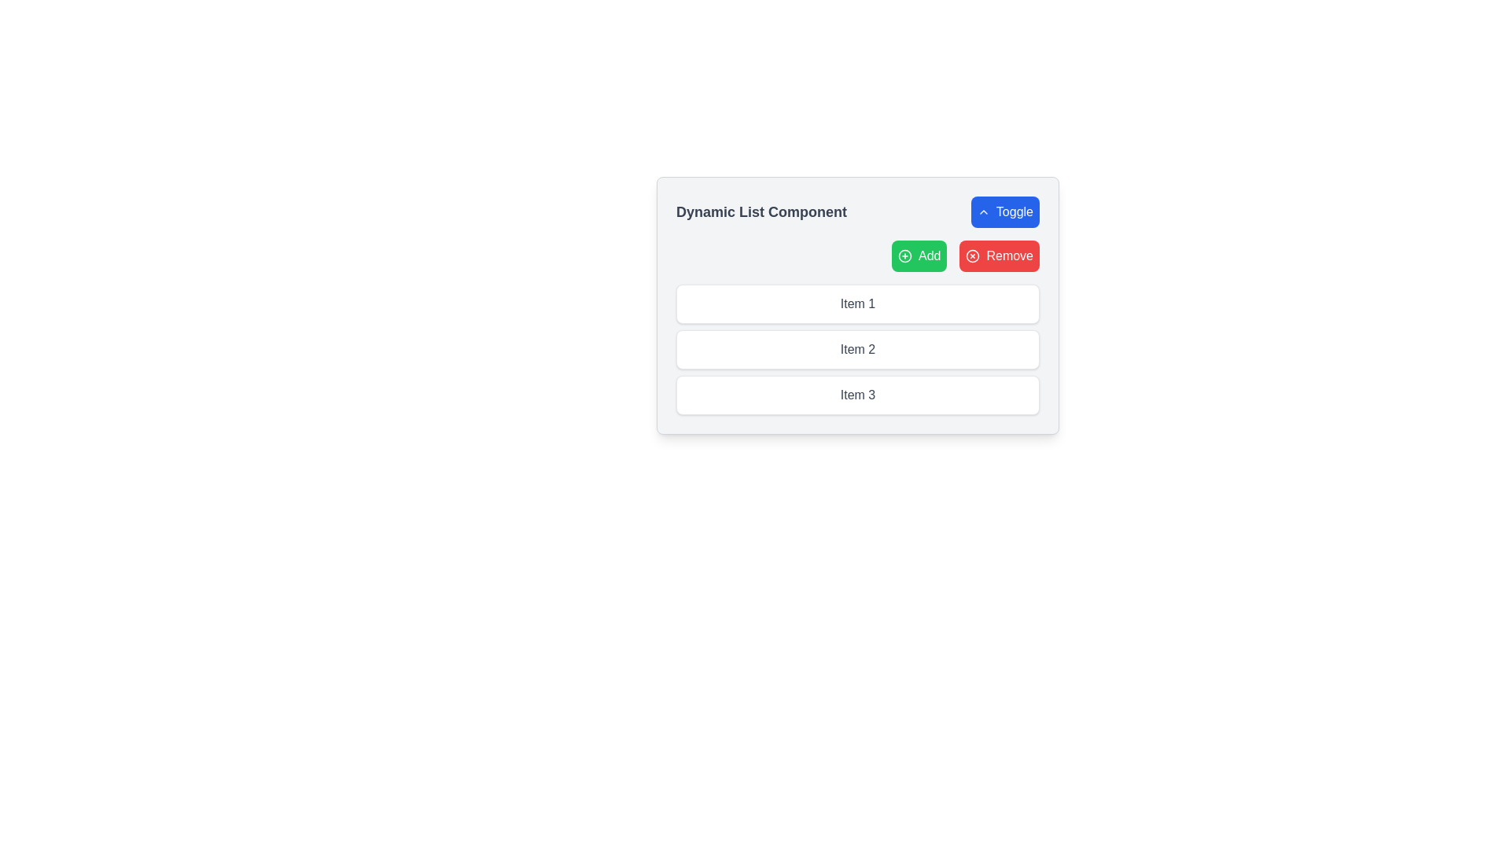  I want to click on the static text label that indicates the toggle functionality, positioned at the rightmost part of the button, following an upwards chevron icon, so click(1015, 212).